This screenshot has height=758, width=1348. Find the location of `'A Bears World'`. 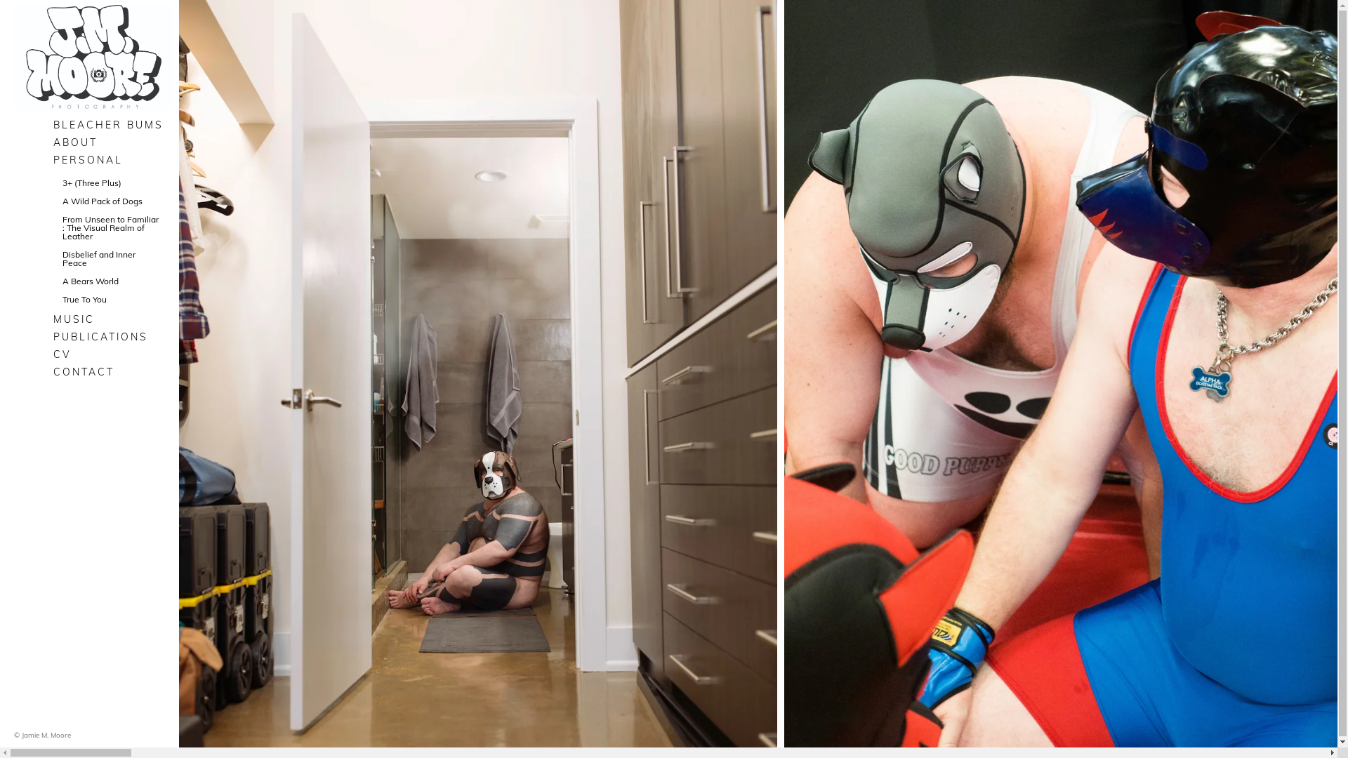

'A Bears World' is located at coordinates (110, 281).